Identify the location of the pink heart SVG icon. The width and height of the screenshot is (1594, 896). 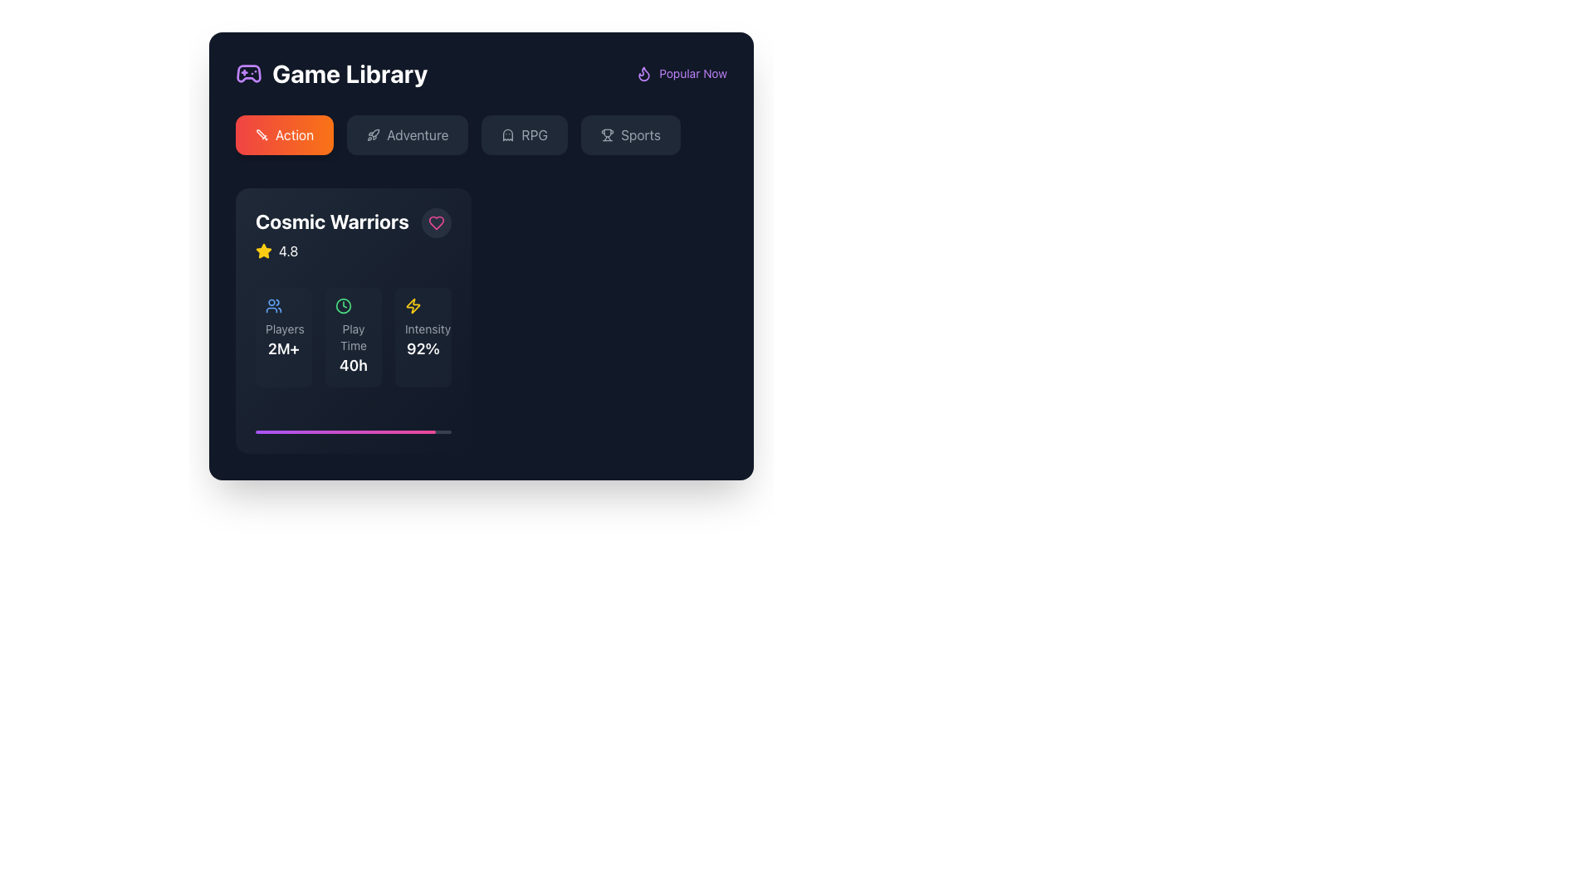
(437, 222).